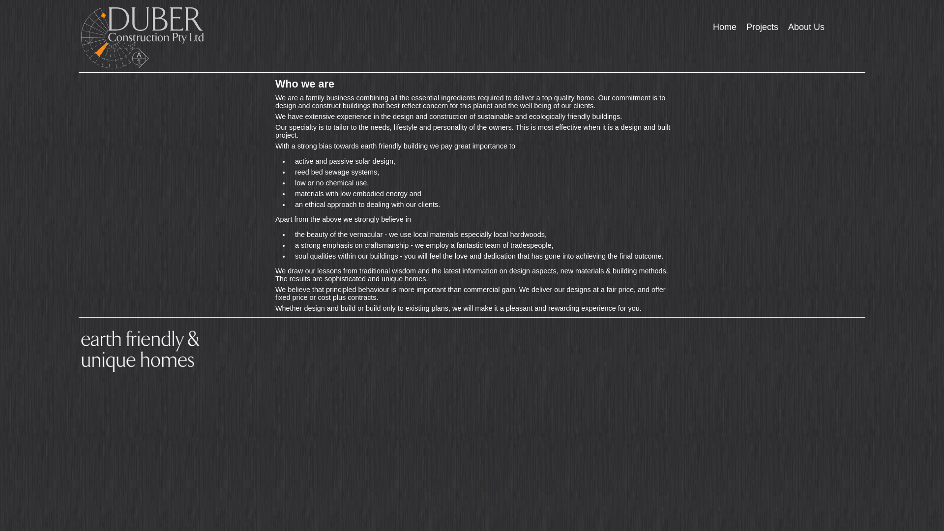 The height and width of the screenshot is (531, 944). I want to click on 'Projects', so click(741, 27).